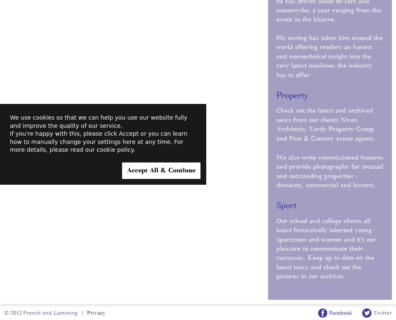 This screenshot has width=396, height=320. What do you see at coordinates (97, 145) in the screenshot?
I see `'at any time. For more details, please read our'` at bounding box center [97, 145].